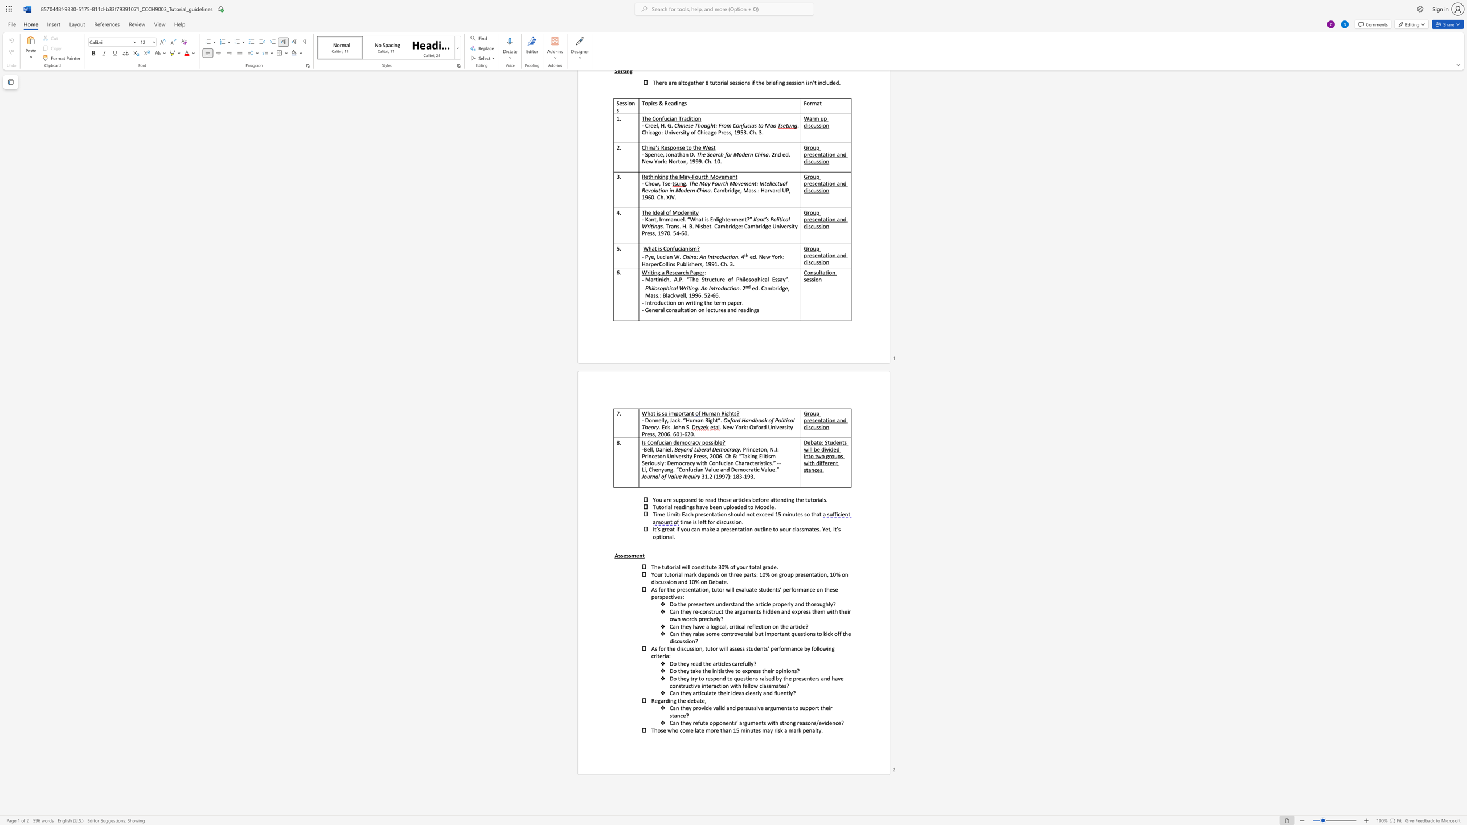  I want to click on the subset text "pponents’ arguments with strong reaso" within the text "Can they refute opponents’ arguments with strong reasons/evidence?", so click(712, 722).